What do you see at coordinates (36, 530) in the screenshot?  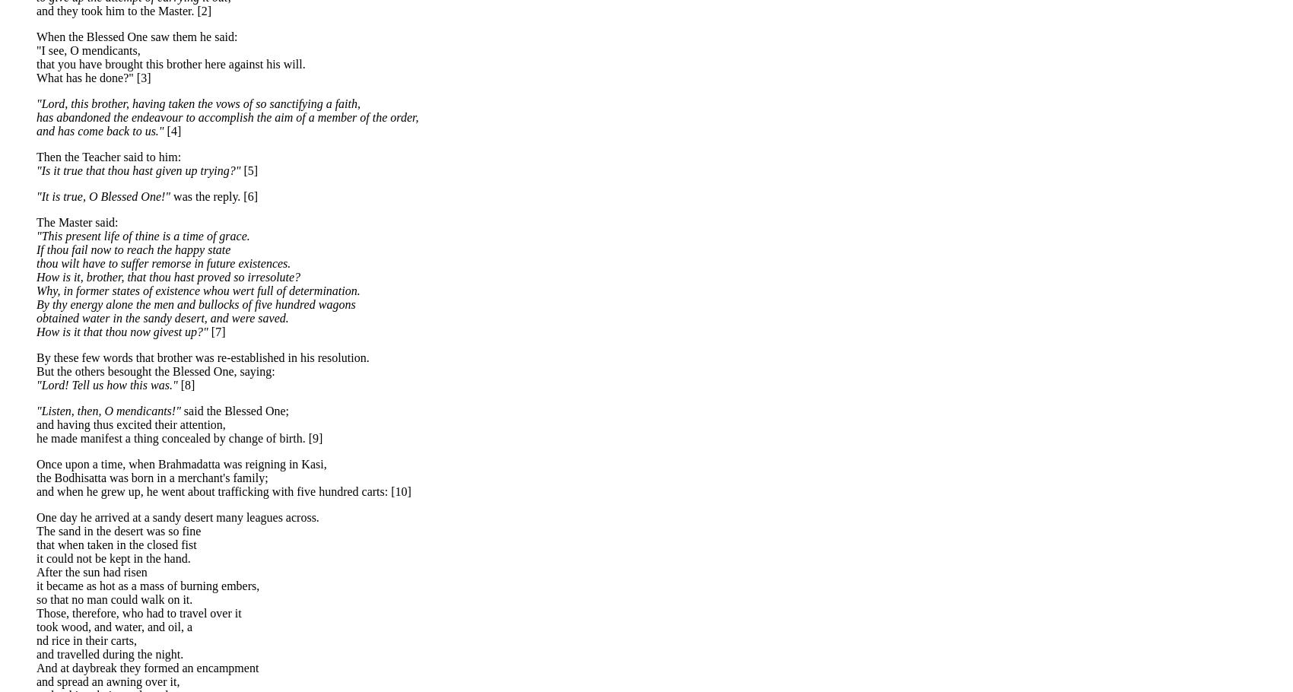 I see `'The sand in the desert was so fine'` at bounding box center [36, 530].